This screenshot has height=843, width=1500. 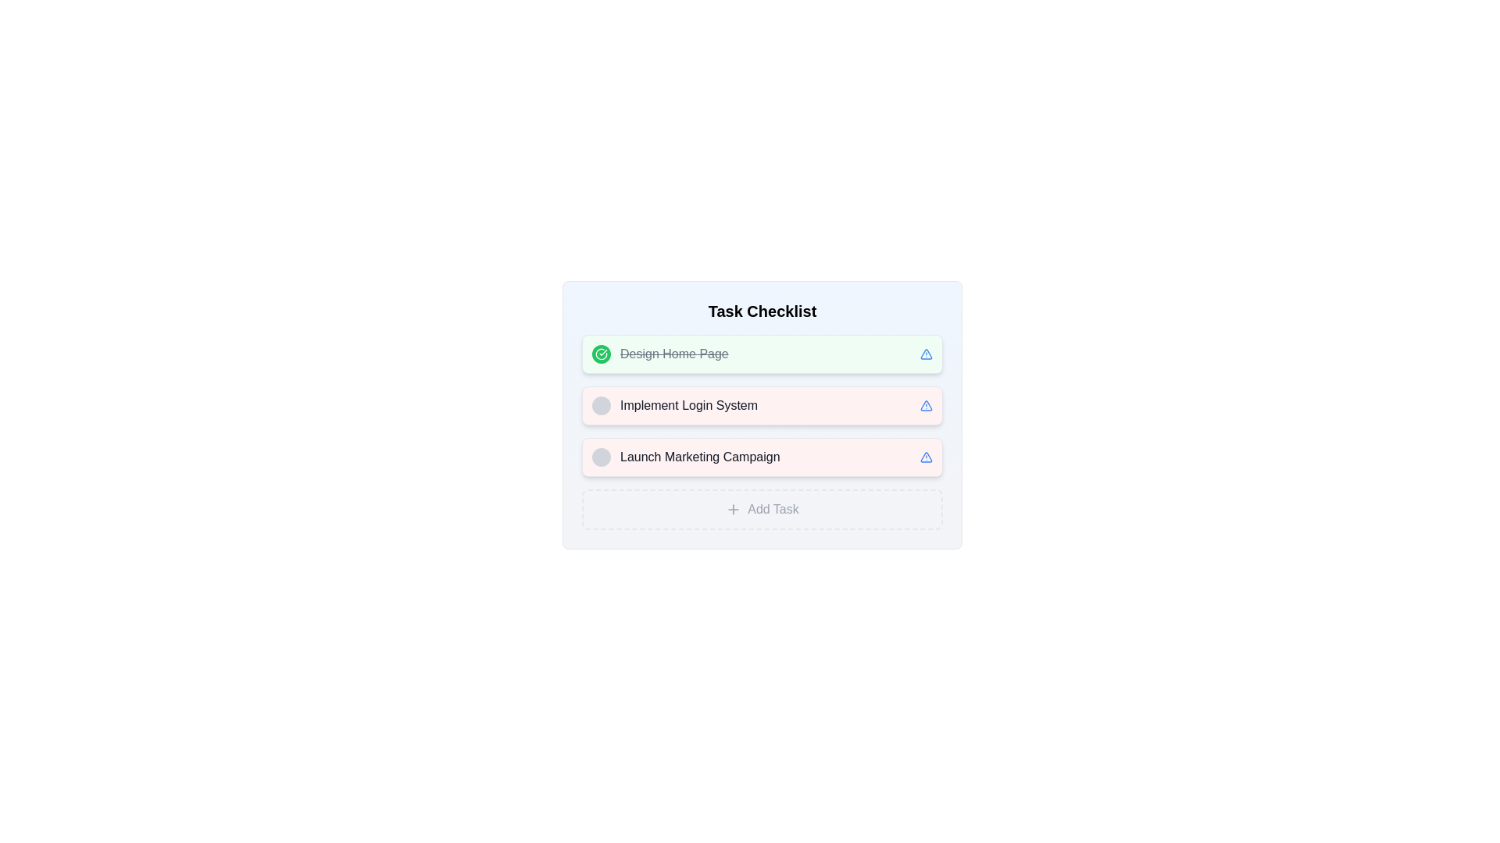 I want to click on the Circle-shaped button or icon that marks the task associated with 'Launch Marketing Campaign', so click(x=600, y=457).